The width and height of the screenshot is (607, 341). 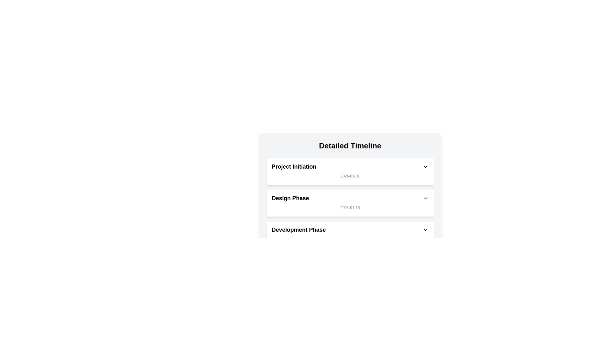 What do you see at coordinates (425, 198) in the screenshot?
I see `the button located at the rightmost end of the 'Design Phase' row` at bounding box center [425, 198].